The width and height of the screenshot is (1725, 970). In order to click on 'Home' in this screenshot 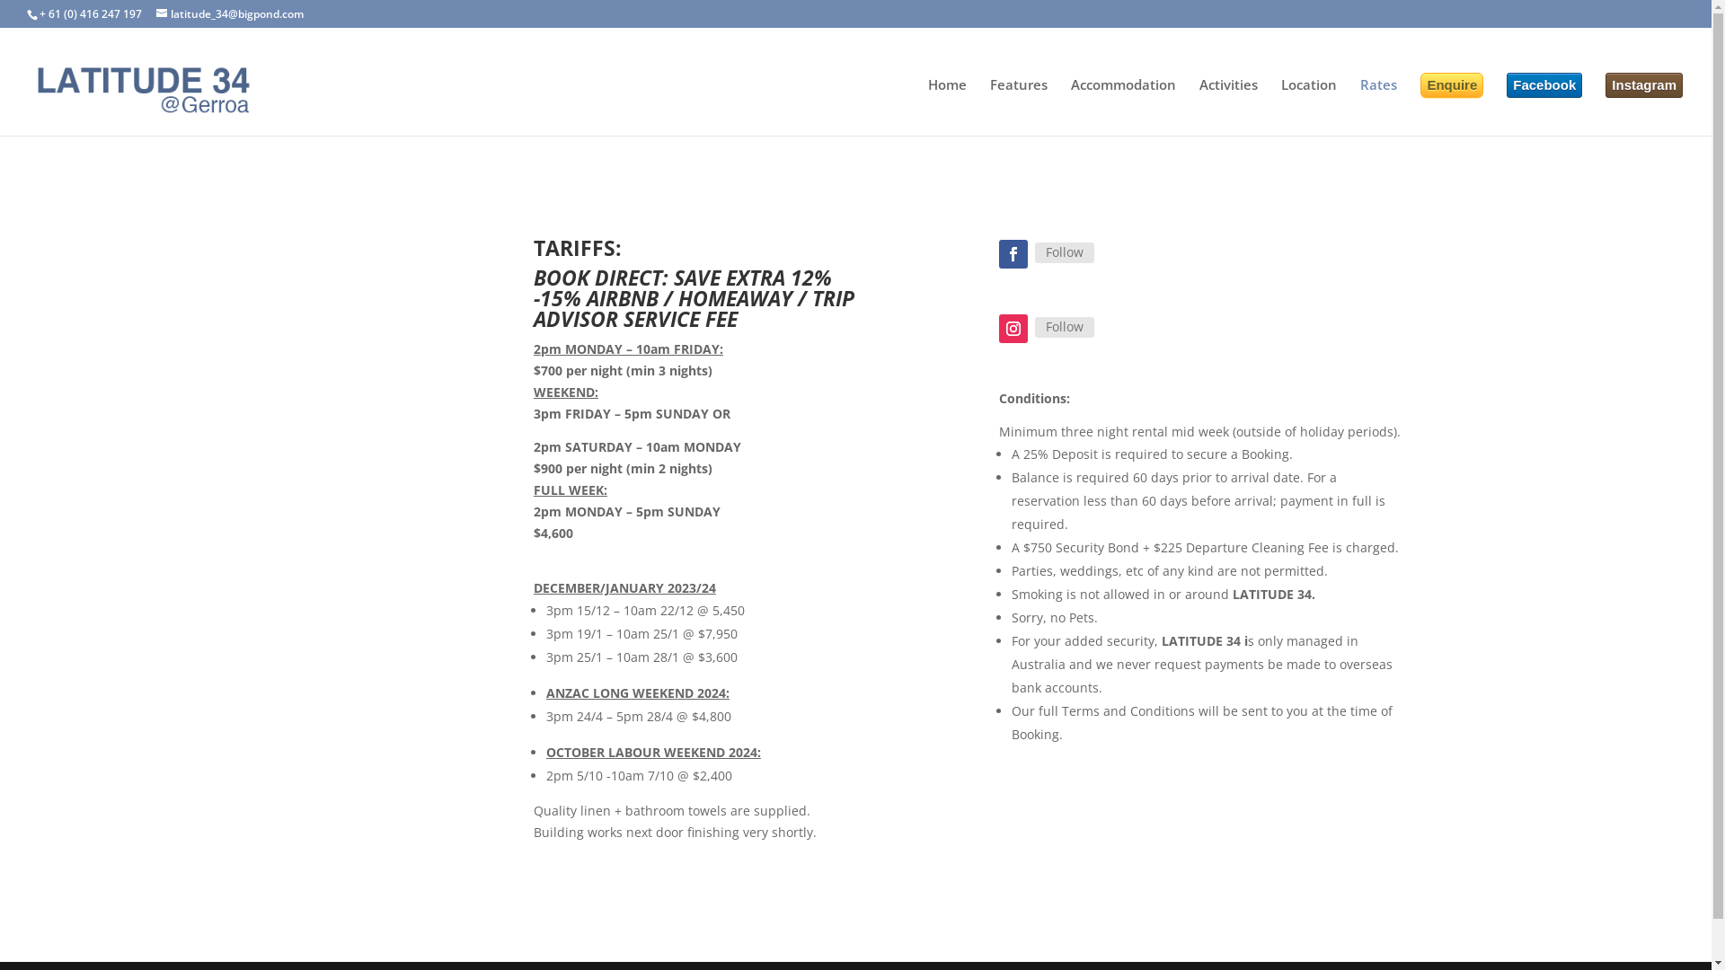, I will do `click(946, 107)`.